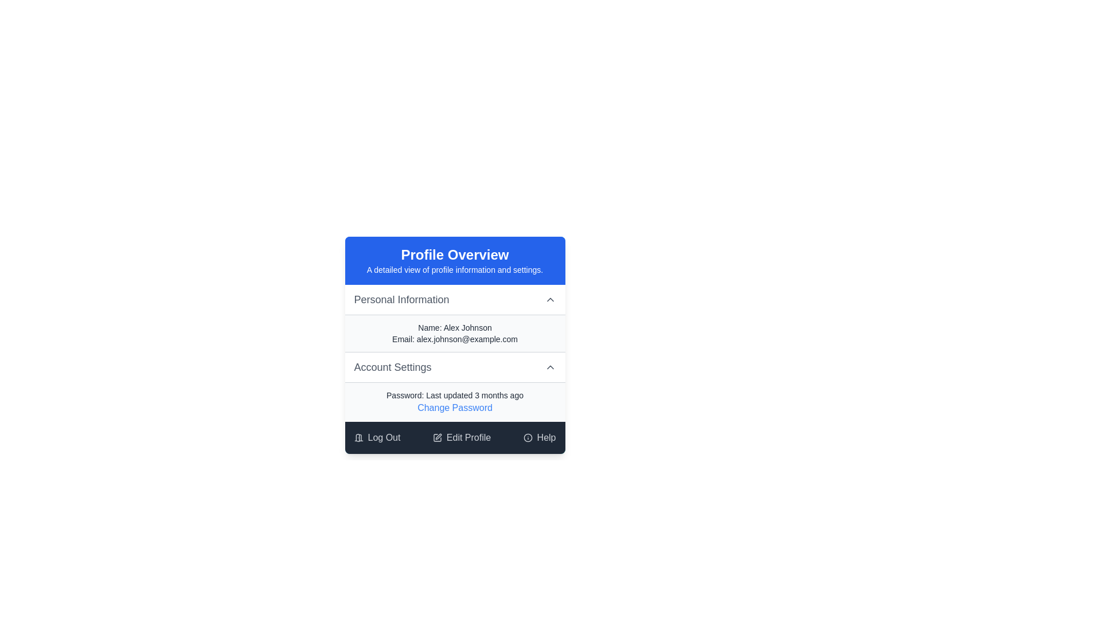 The width and height of the screenshot is (1101, 619). What do you see at coordinates (401, 299) in the screenshot?
I see `the section header labeled 'Personal Information' which is positioned below the 'Profile Overview' title and above the list of profile details` at bounding box center [401, 299].